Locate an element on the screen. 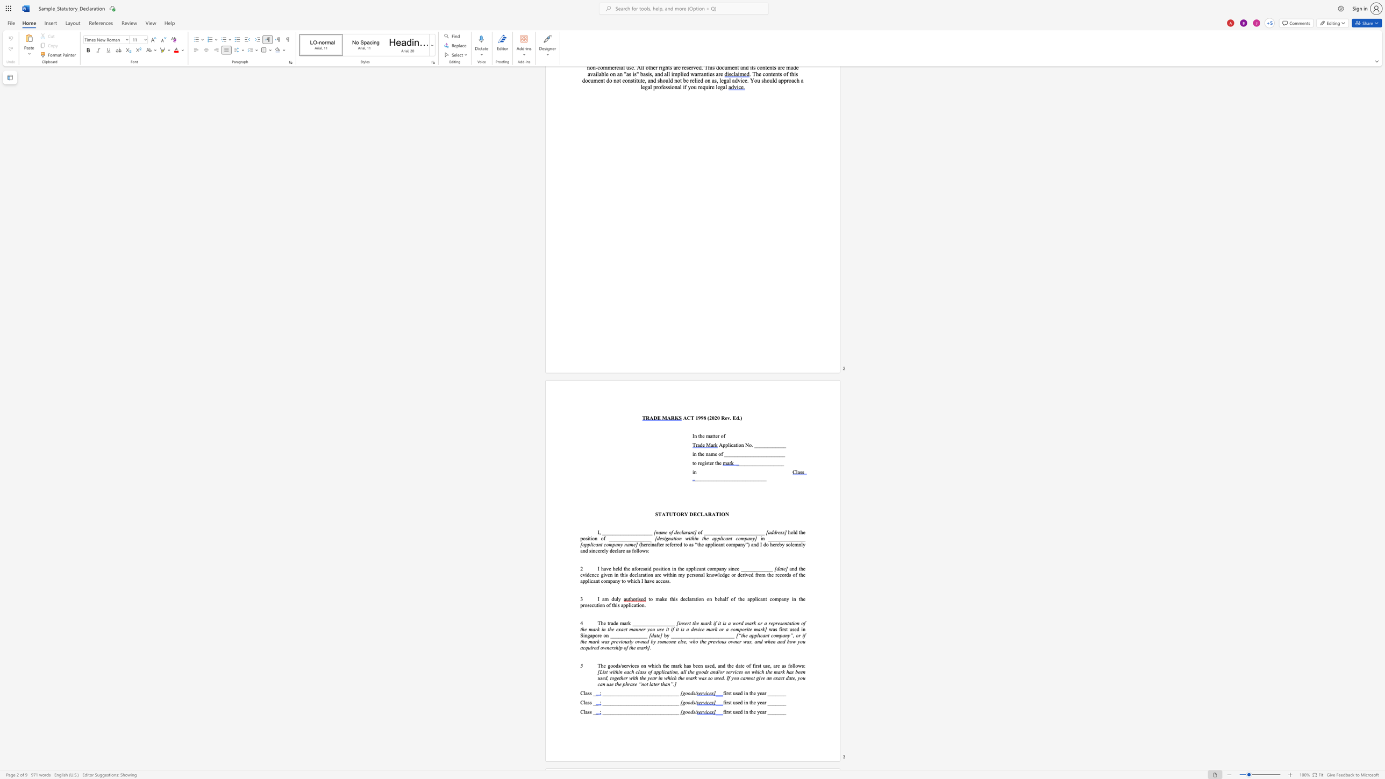 The image size is (1385, 779). the 1th character "O" in the text is located at coordinates (678, 514).